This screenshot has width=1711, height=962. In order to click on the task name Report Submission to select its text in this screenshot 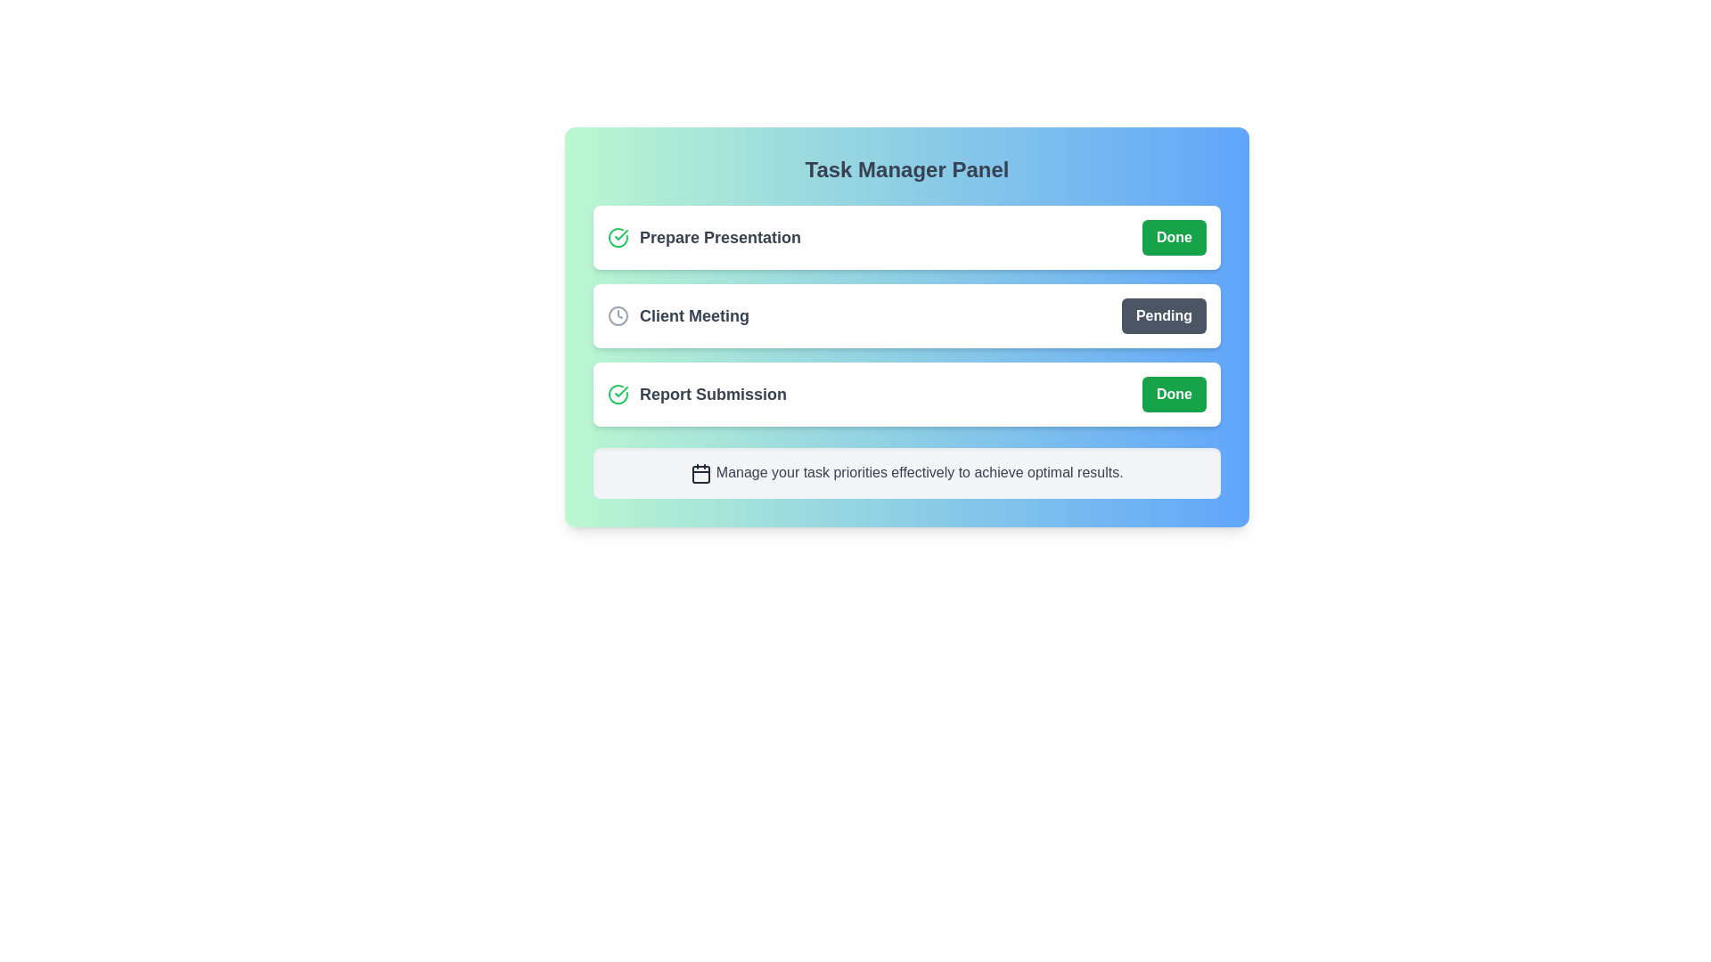, I will do `click(696, 394)`.